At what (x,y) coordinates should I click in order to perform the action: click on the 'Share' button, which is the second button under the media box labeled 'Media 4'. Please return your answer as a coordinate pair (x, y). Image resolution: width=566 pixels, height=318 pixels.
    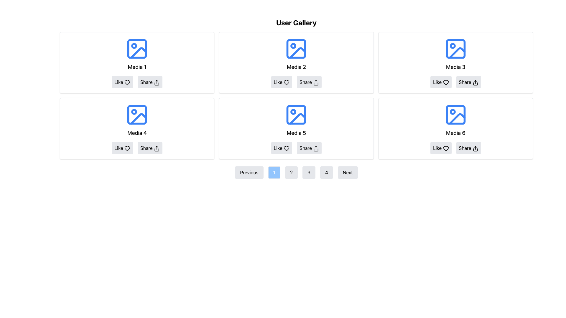
    Looking at the image, I should click on (150, 148).